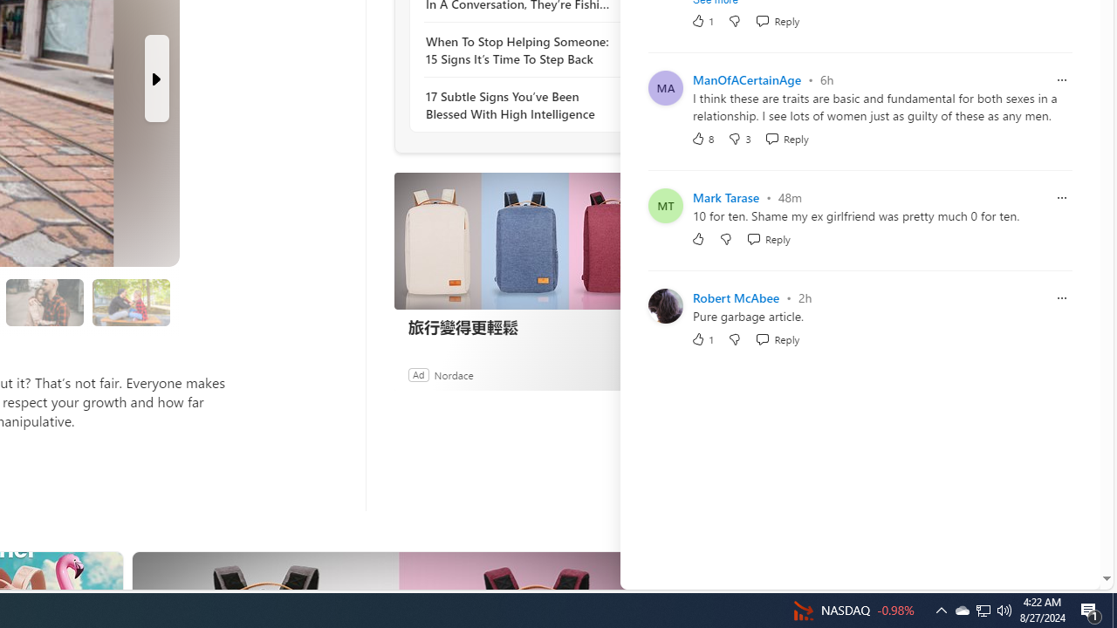 This screenshot has height=628, width=1117. Describe the element at coordinates (635, 373) in the screenshot. I see `'Ad Choice'` at that location.